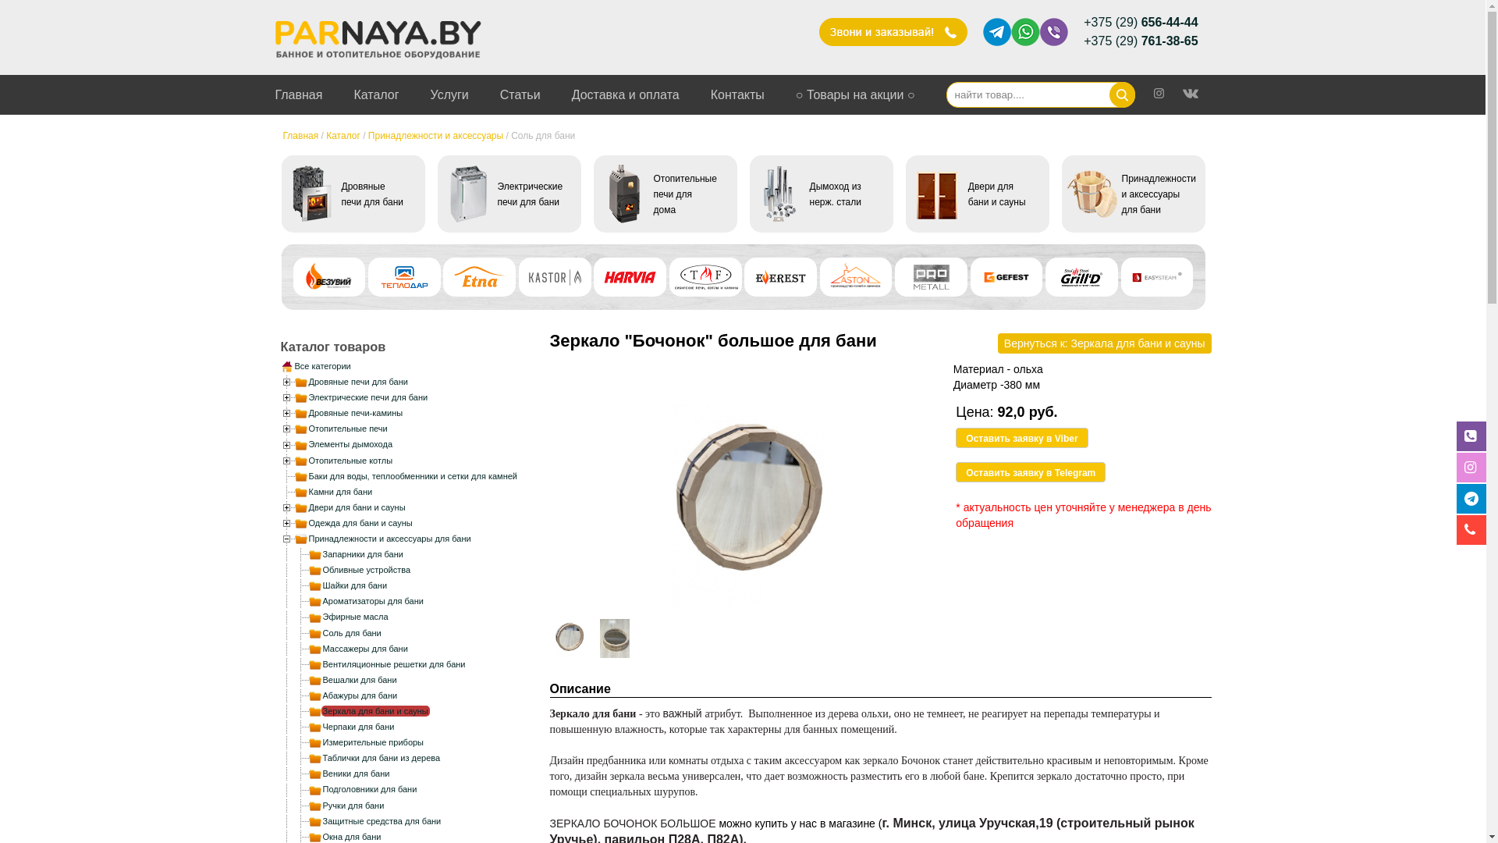 Image resolution: width=1498 pixels, height=843 pixels. I want to click on '+375 (29) 656-44-44', so click(1141, 23).